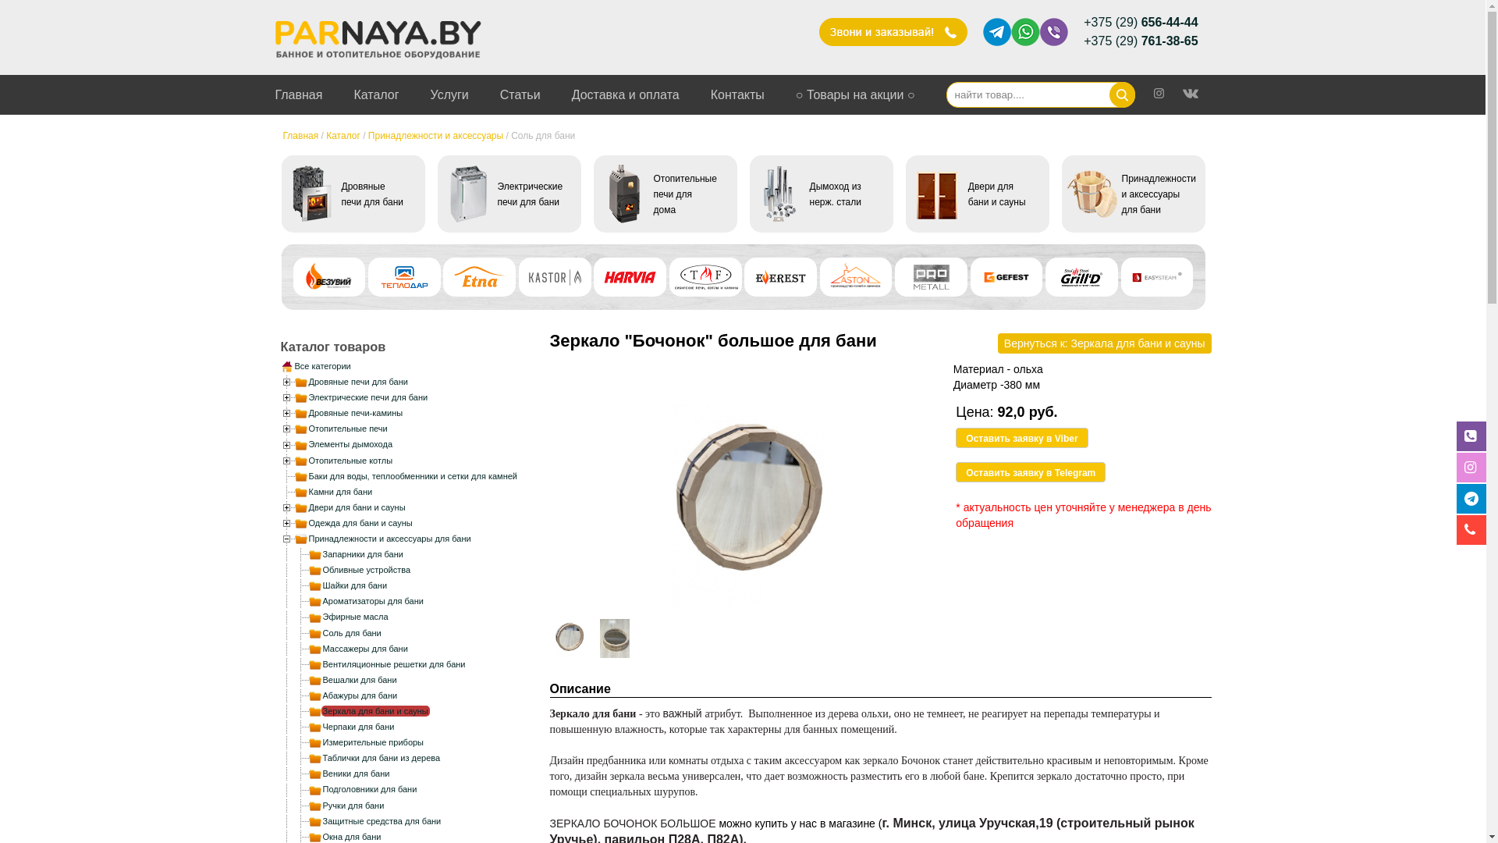 Image resolution: width=1498 pixels, height=843 pixels. I want to click on '+375 (29) 656-44-44', so click(1141, 23).